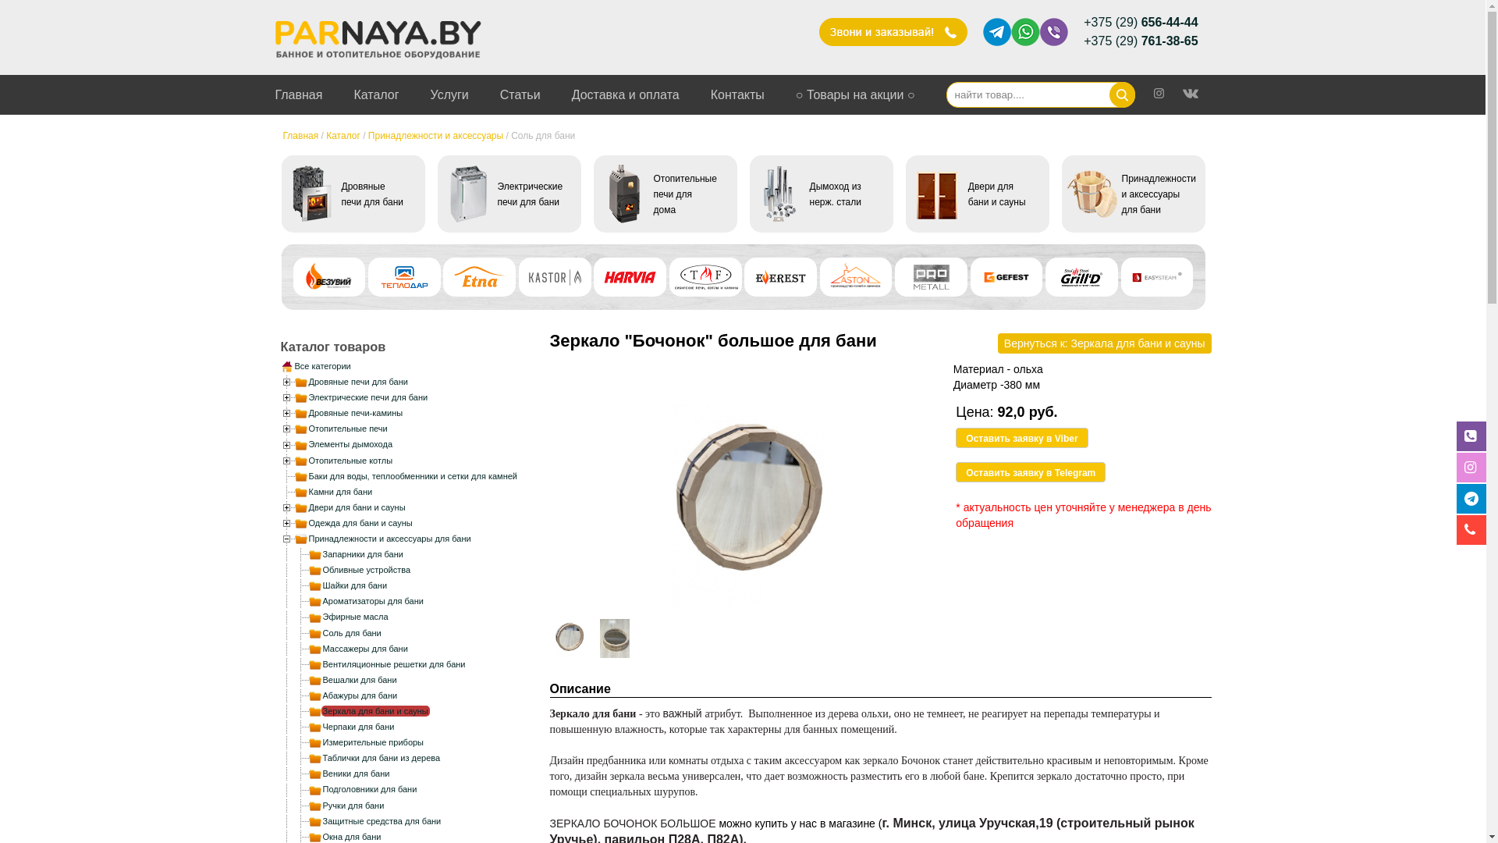 Image resolution: width=1498 pixels, height=843 pixels. I want to click on '+375 (29) 656-44-44', so click(1141, 23).